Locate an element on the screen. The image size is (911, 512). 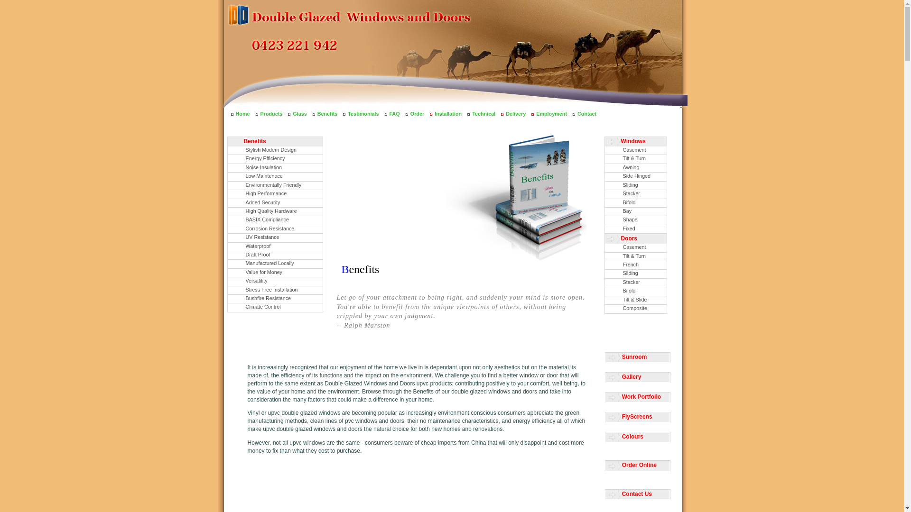
'Colours' is located at coordinates (638, 437).